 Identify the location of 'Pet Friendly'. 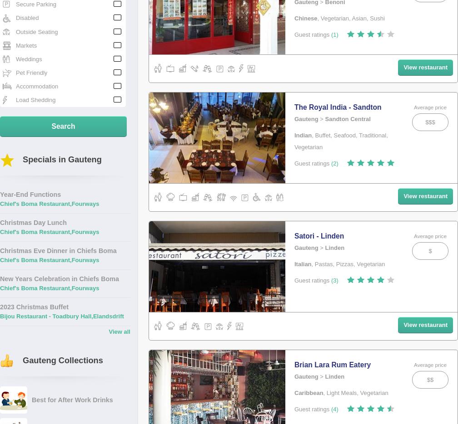
(31, 73).